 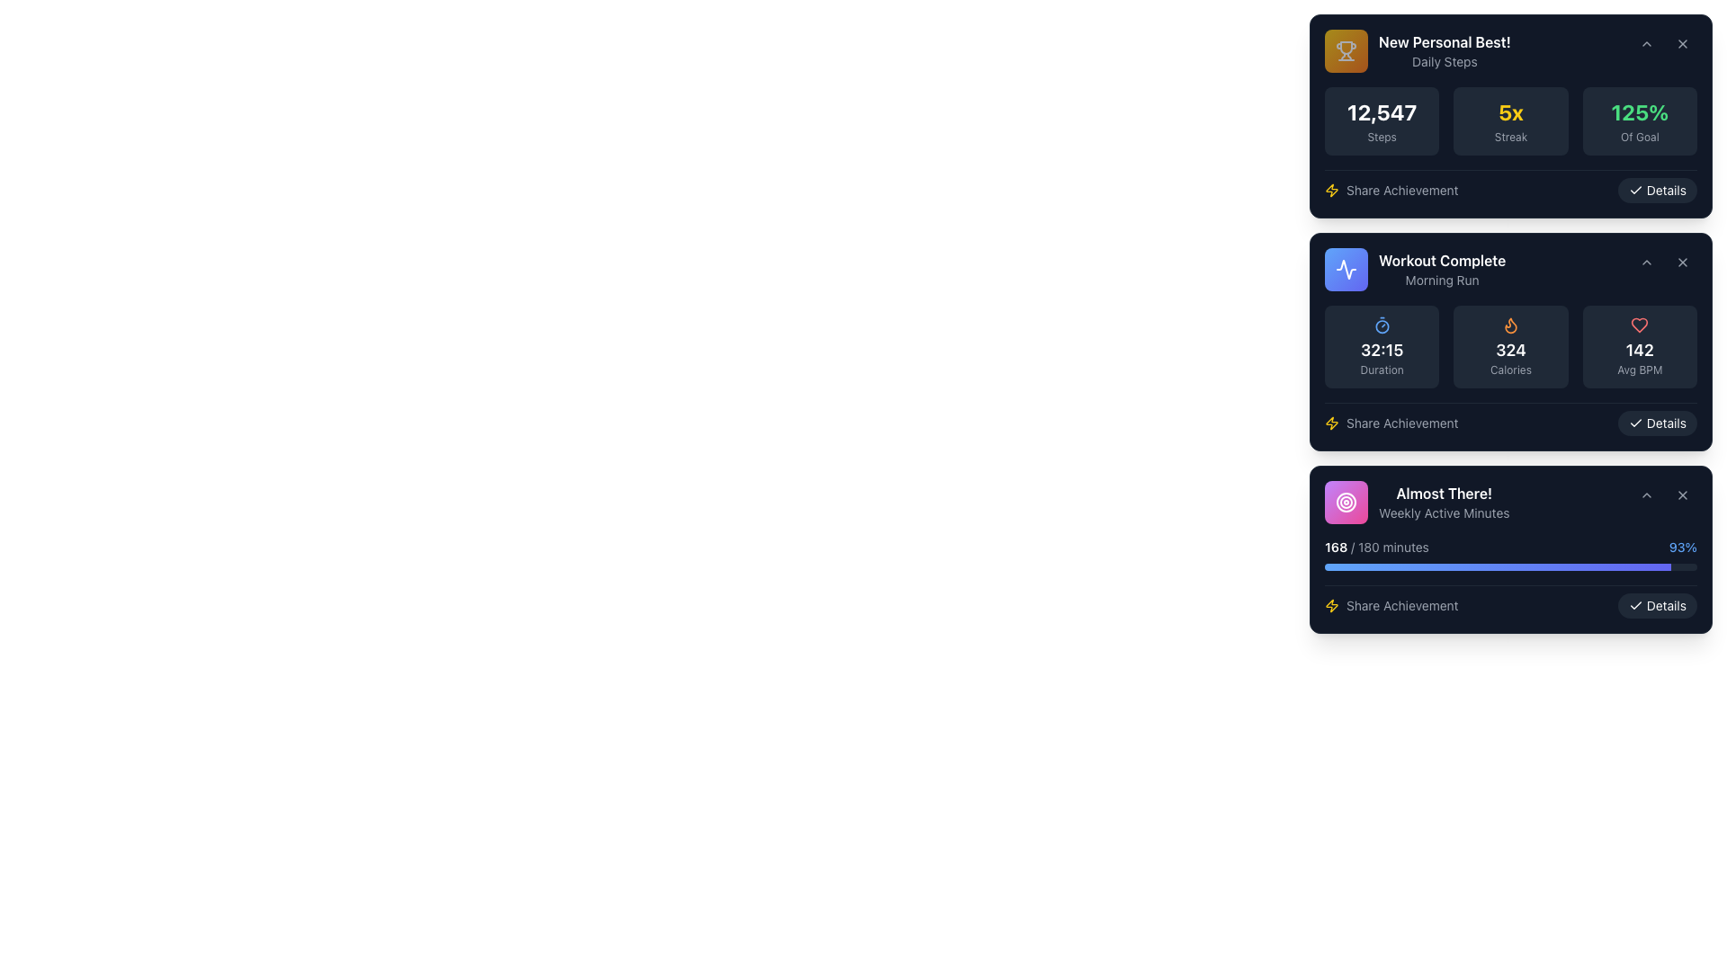 I want to click on the trophy icon with a gold gradient background located at the top-left corner of the 'New Personal Best! Daily Steps' card, so click(x=1347, y=50).